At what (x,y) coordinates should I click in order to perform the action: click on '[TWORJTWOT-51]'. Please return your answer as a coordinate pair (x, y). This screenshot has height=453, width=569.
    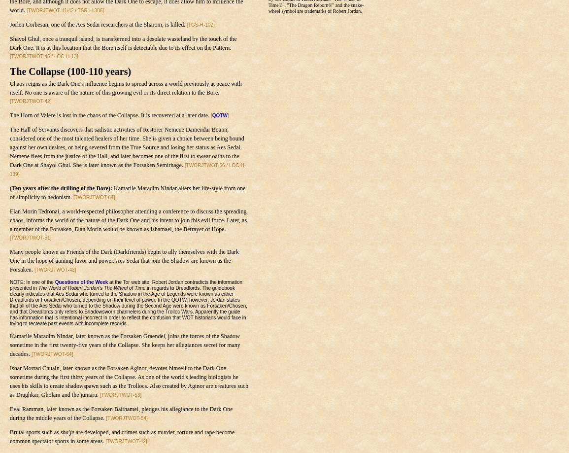
    Looking at the image, I should click on (30, 237).